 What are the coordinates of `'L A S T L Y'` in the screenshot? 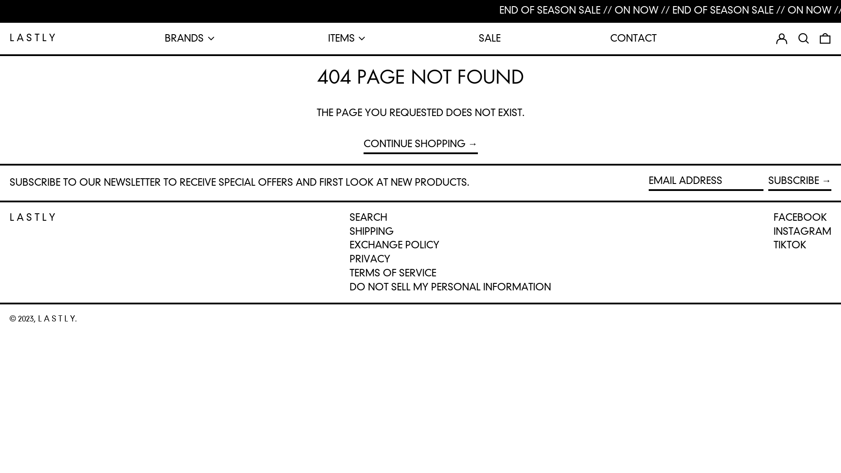 It's located at (32, 38).